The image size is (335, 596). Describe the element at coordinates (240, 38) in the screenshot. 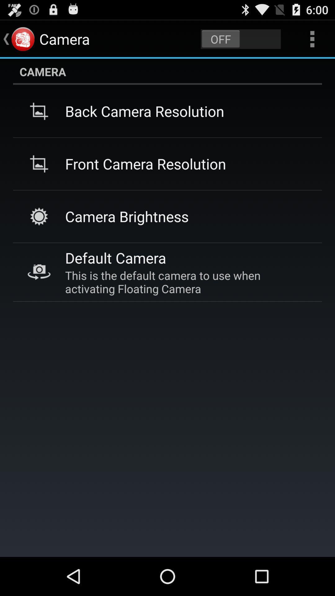

I see `switch on` at that location.